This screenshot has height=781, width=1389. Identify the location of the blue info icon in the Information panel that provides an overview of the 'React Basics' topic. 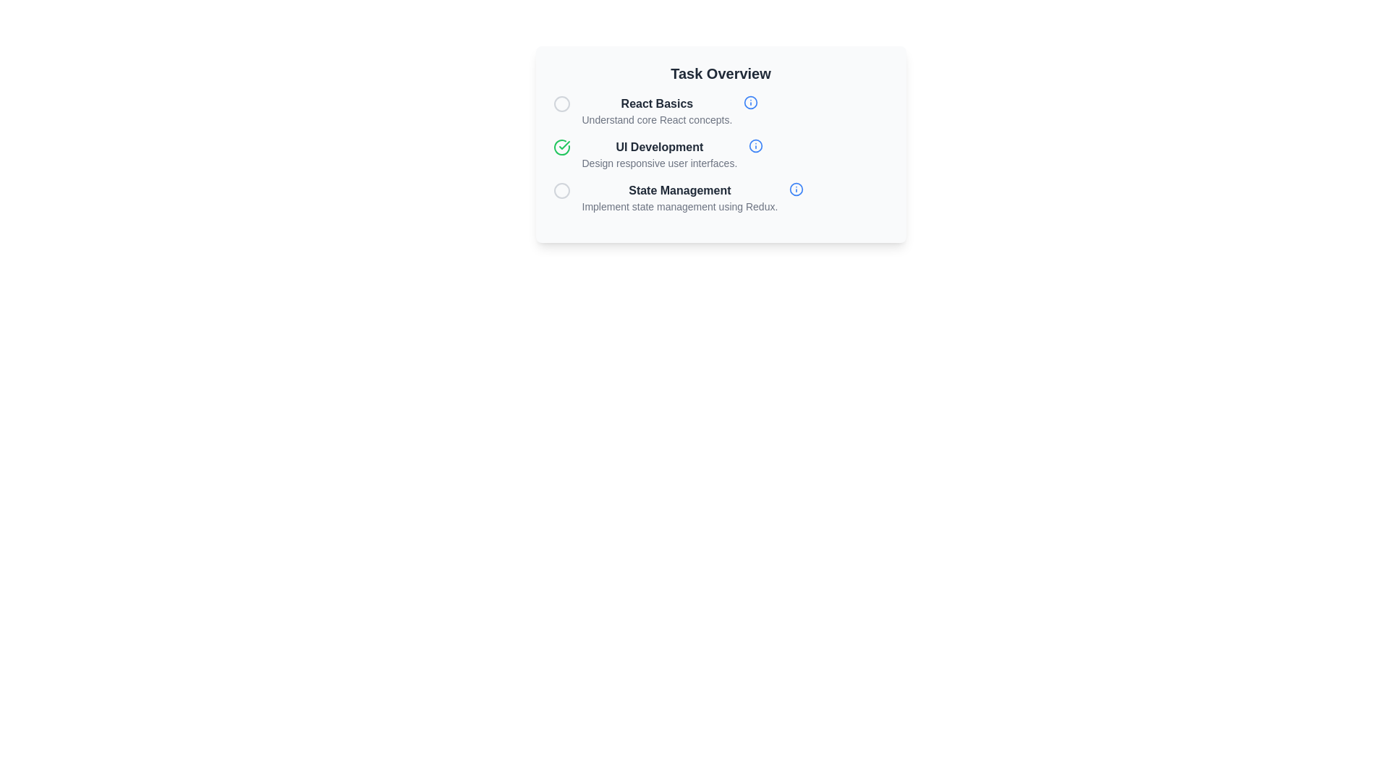
(721, 111).